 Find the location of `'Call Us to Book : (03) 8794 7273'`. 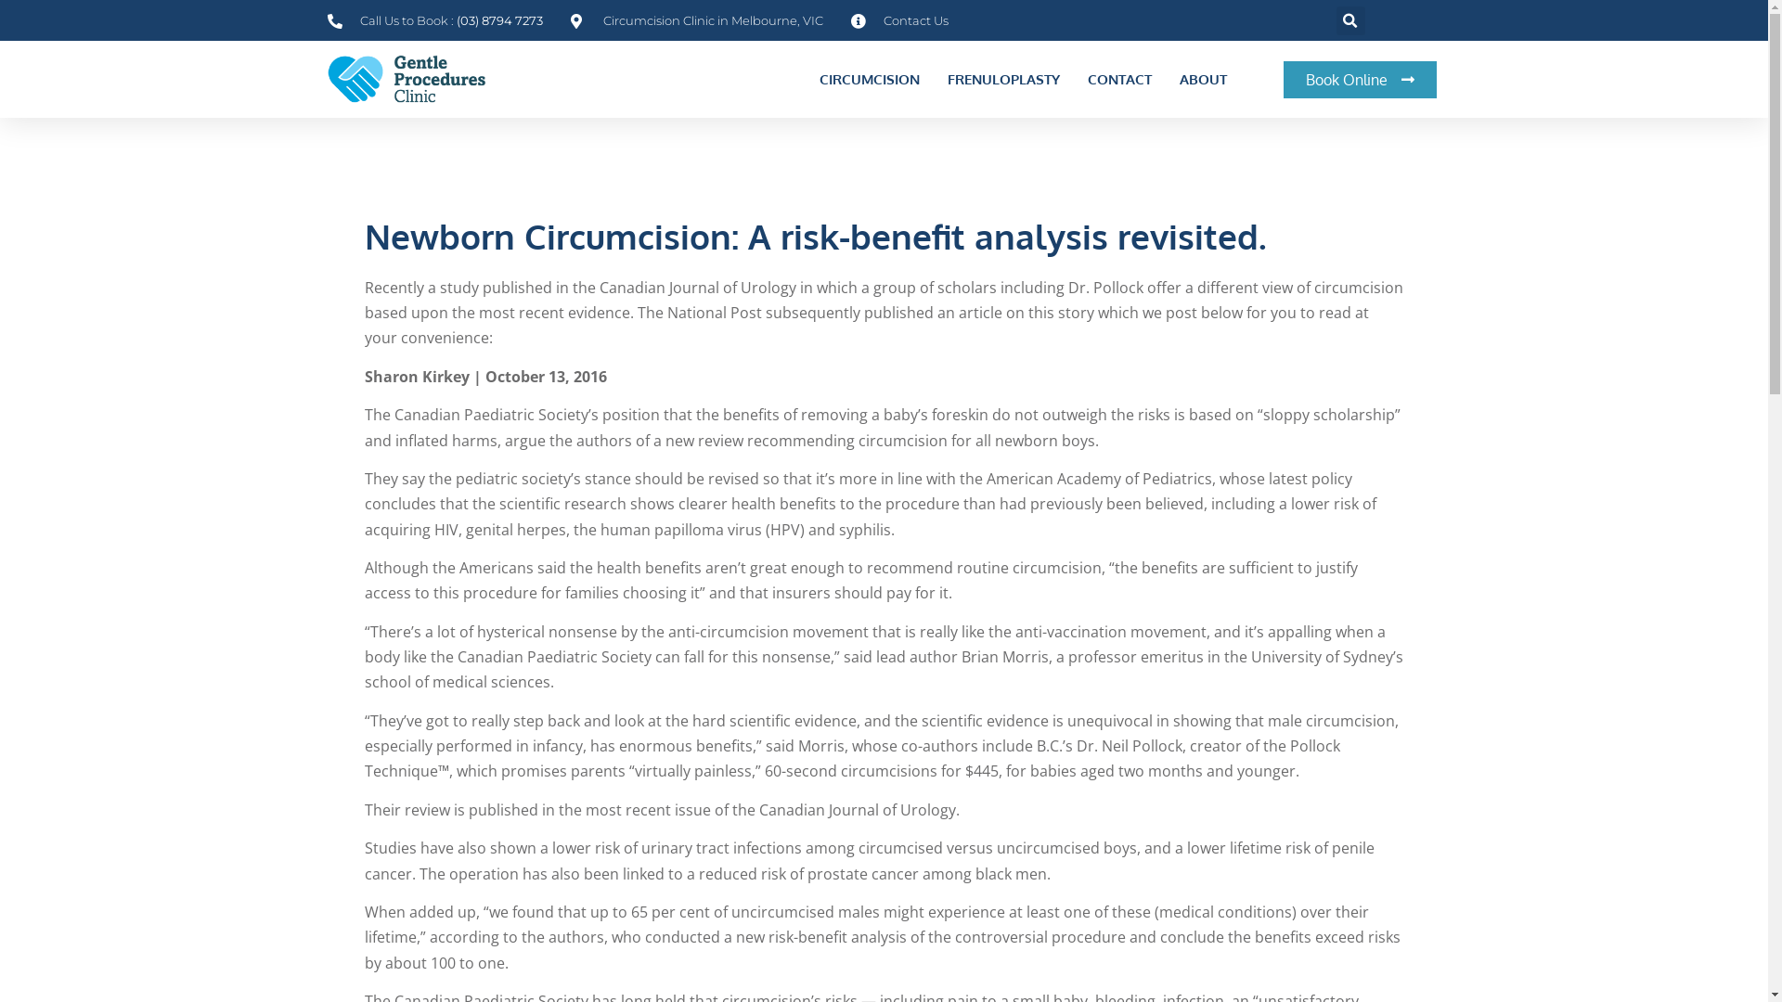

'Call Us to Book : (03) 8794 7273' is located at coordinates (433, 20).